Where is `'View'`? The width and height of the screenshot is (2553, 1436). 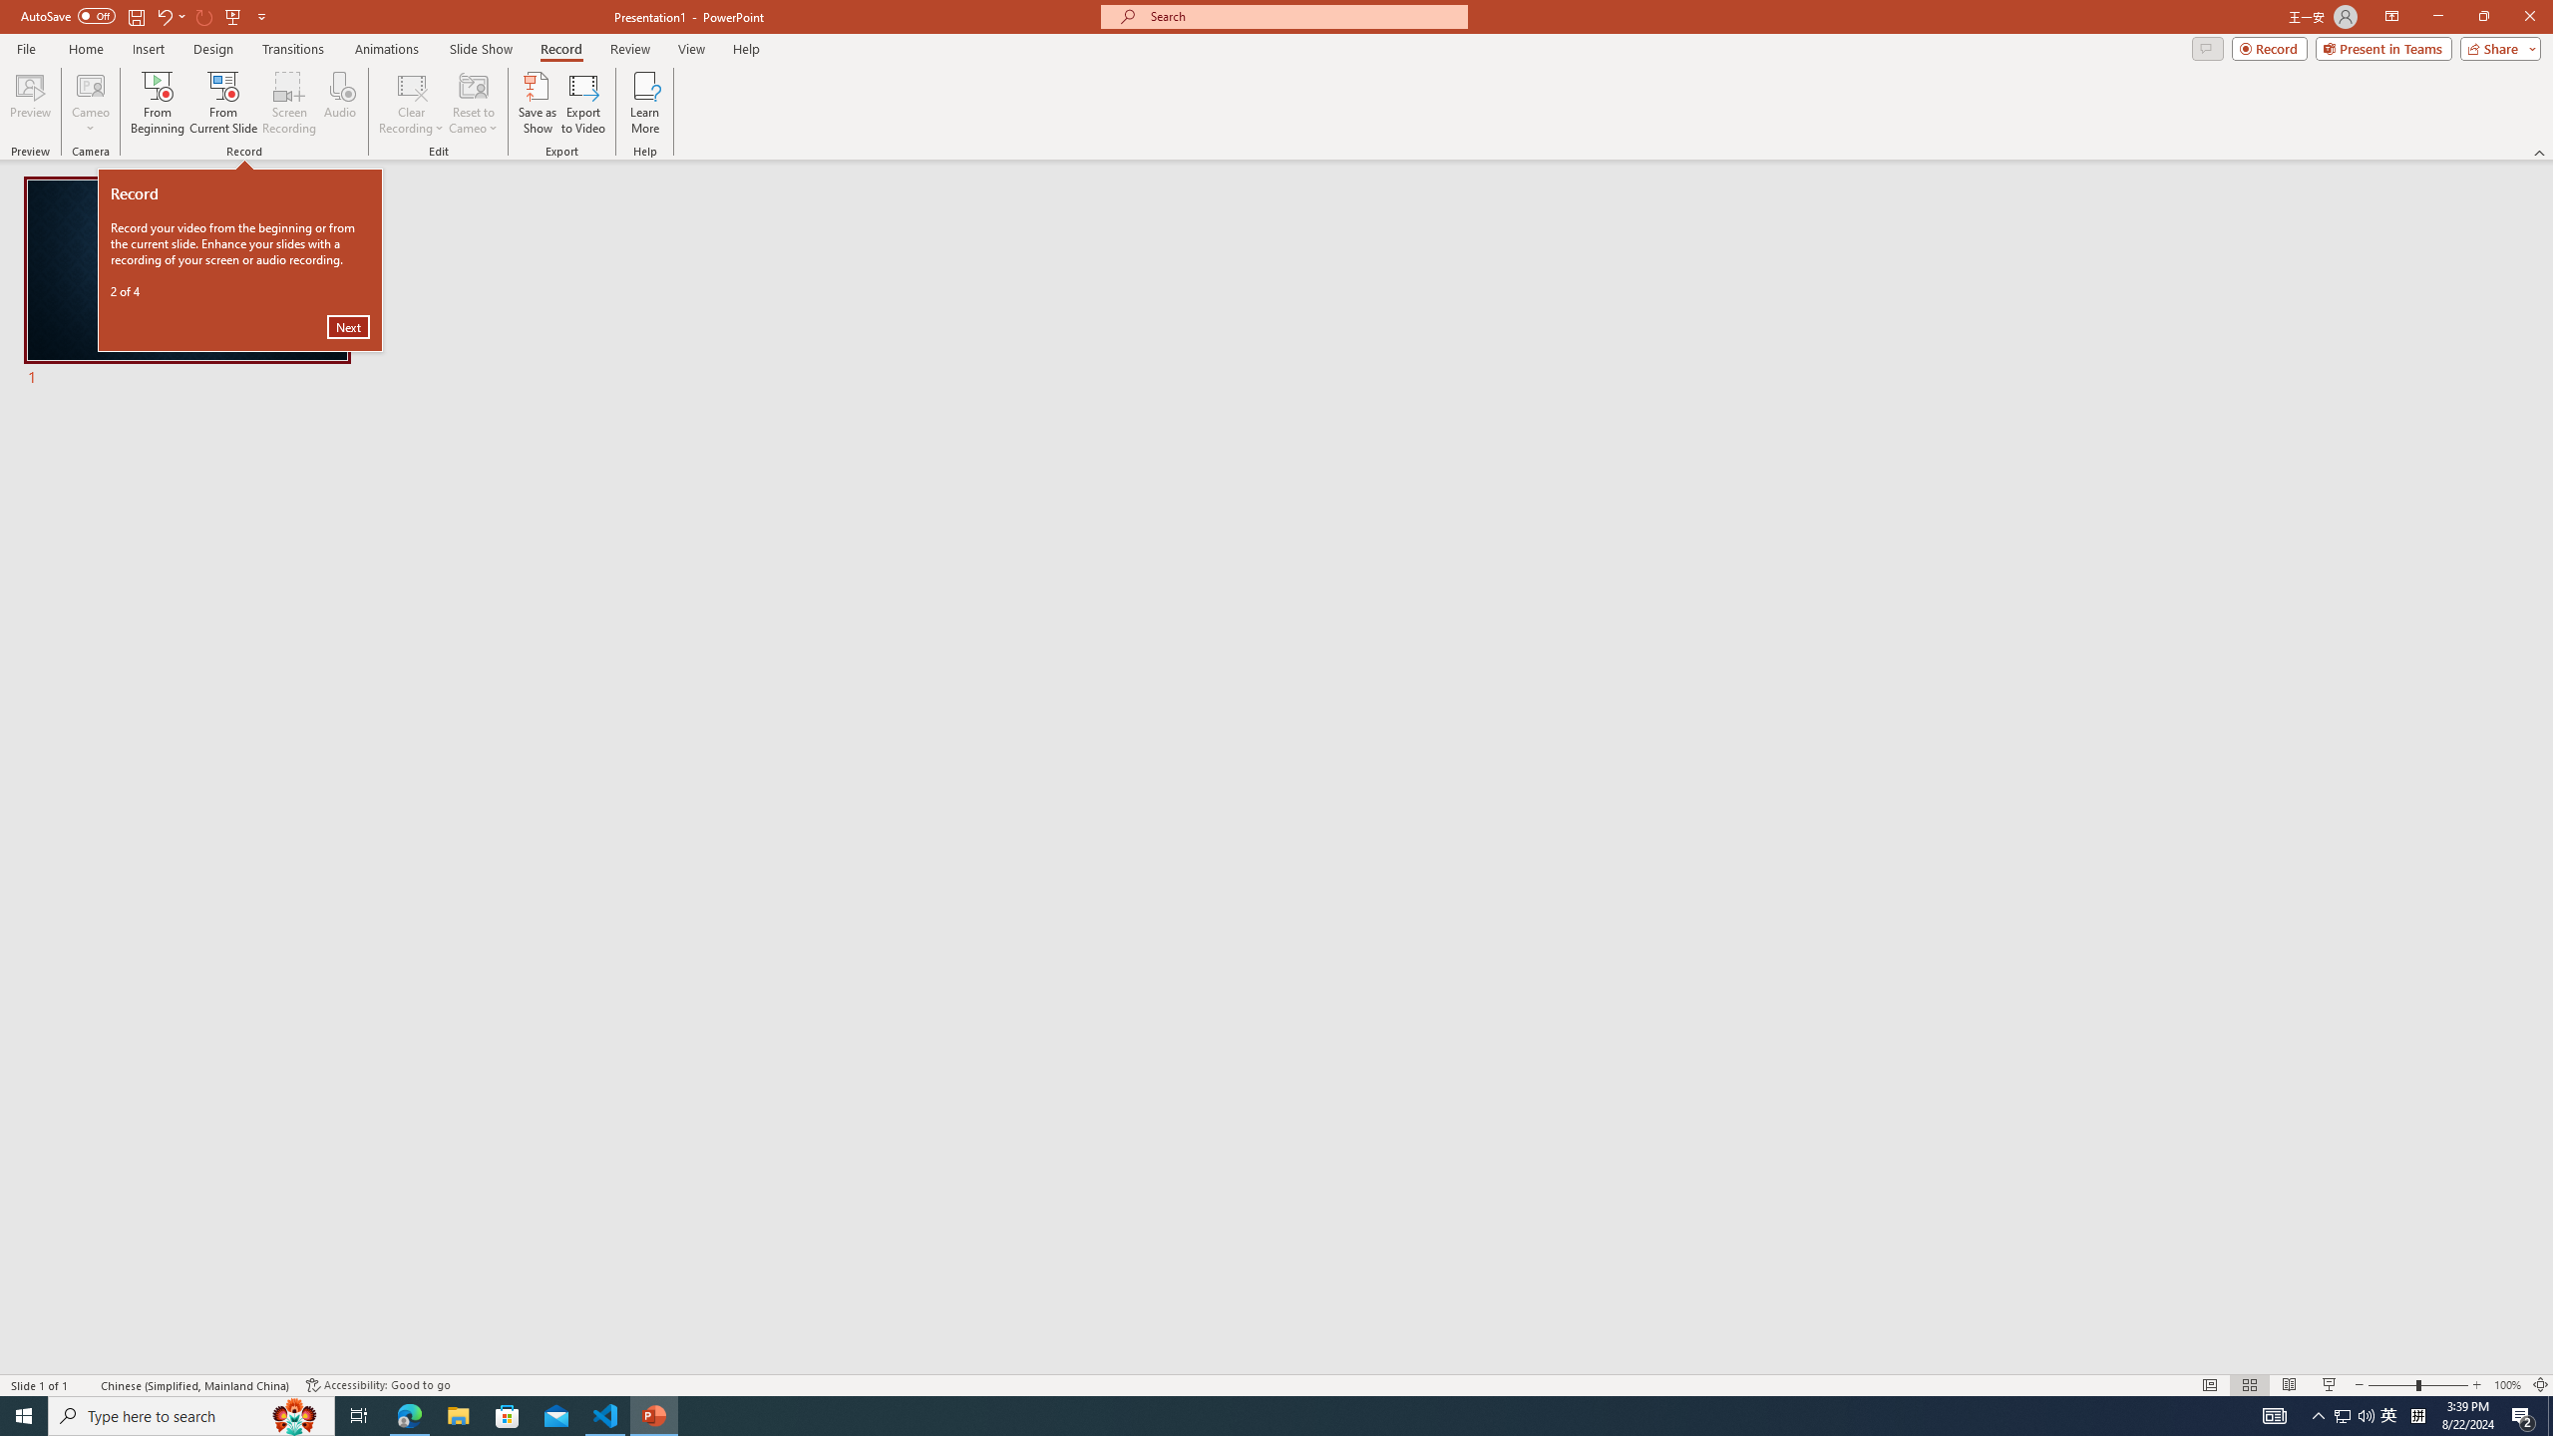 'View' is located at coordinates (692, 49).